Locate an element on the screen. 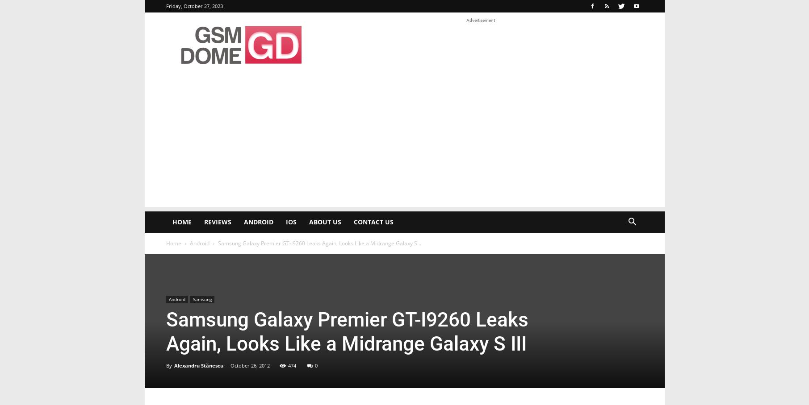 Image resolution: width=809 pixels, height=405 pixels. '474' is located at coordinates (292, 365).